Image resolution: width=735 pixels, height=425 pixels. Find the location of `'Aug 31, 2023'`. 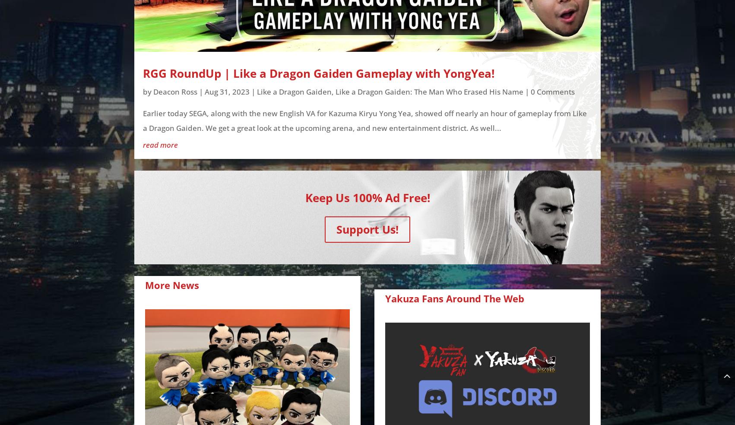

'Aug 31, 2023' is located at coordinates (226, 91).